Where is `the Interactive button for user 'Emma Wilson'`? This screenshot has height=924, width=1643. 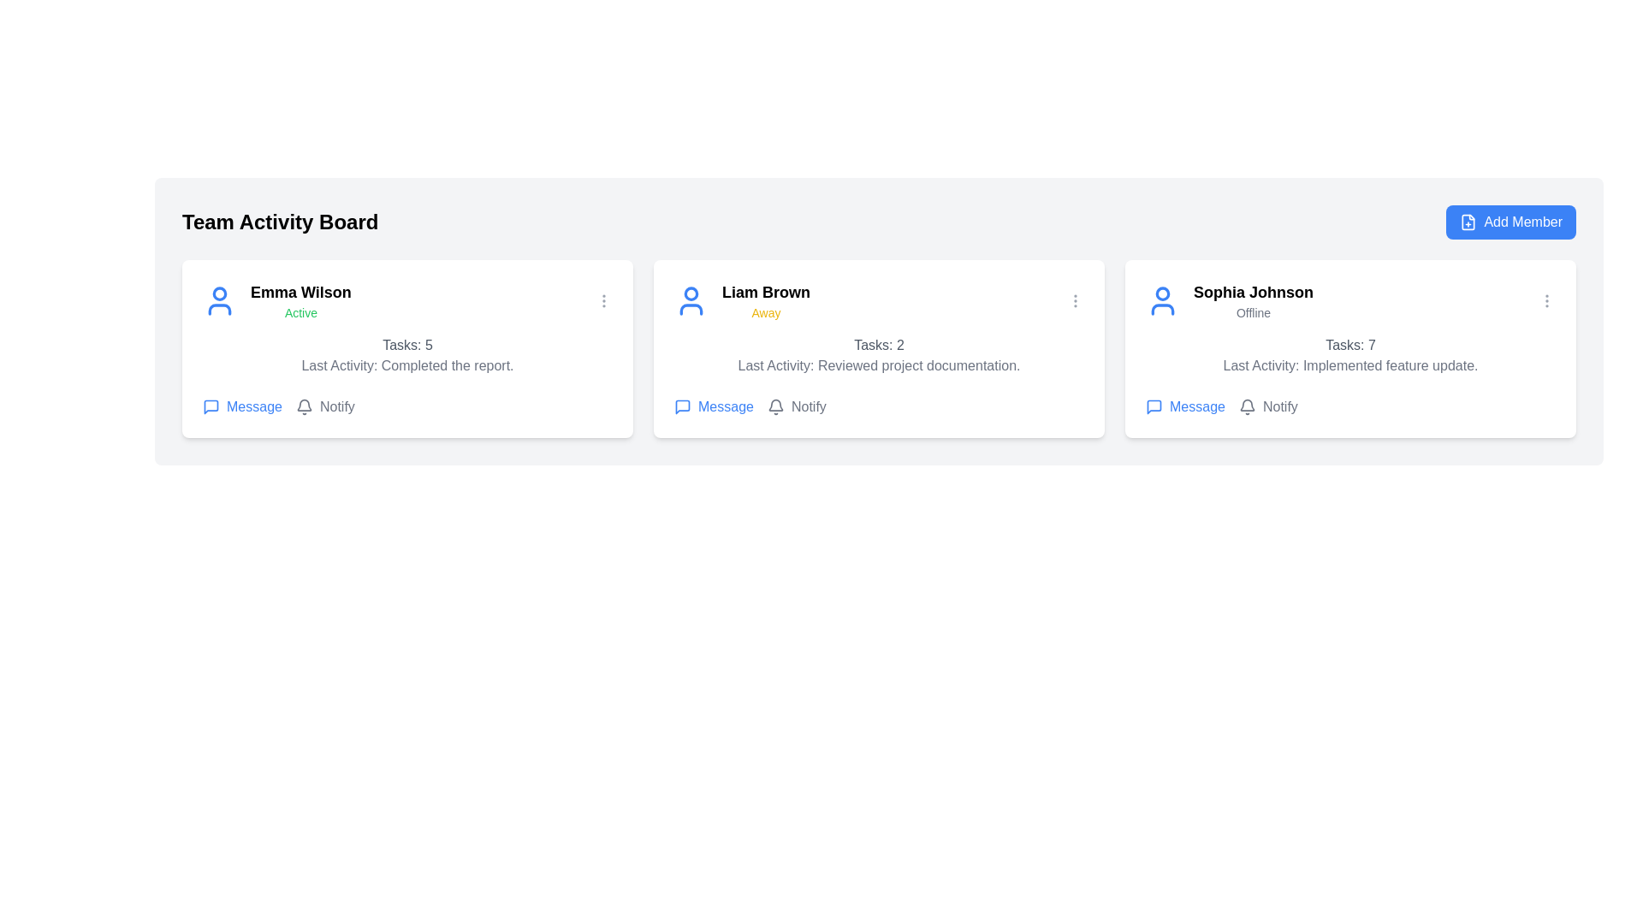 the Interactive button for user 'Emma Wilson' is located at coordinates (241, 406).